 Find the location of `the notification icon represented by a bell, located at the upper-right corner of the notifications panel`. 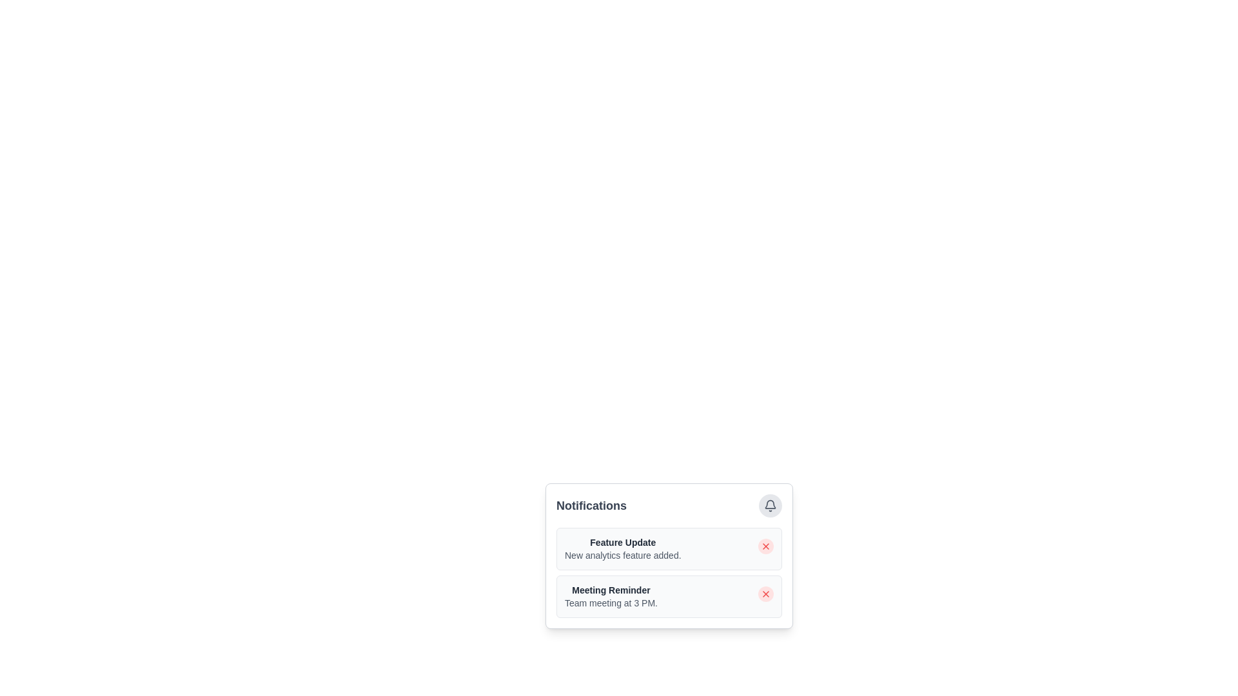

the notification icon represented by a bell, located at the upper-right corner of the notifications panel is located at coordinates (771, 505).